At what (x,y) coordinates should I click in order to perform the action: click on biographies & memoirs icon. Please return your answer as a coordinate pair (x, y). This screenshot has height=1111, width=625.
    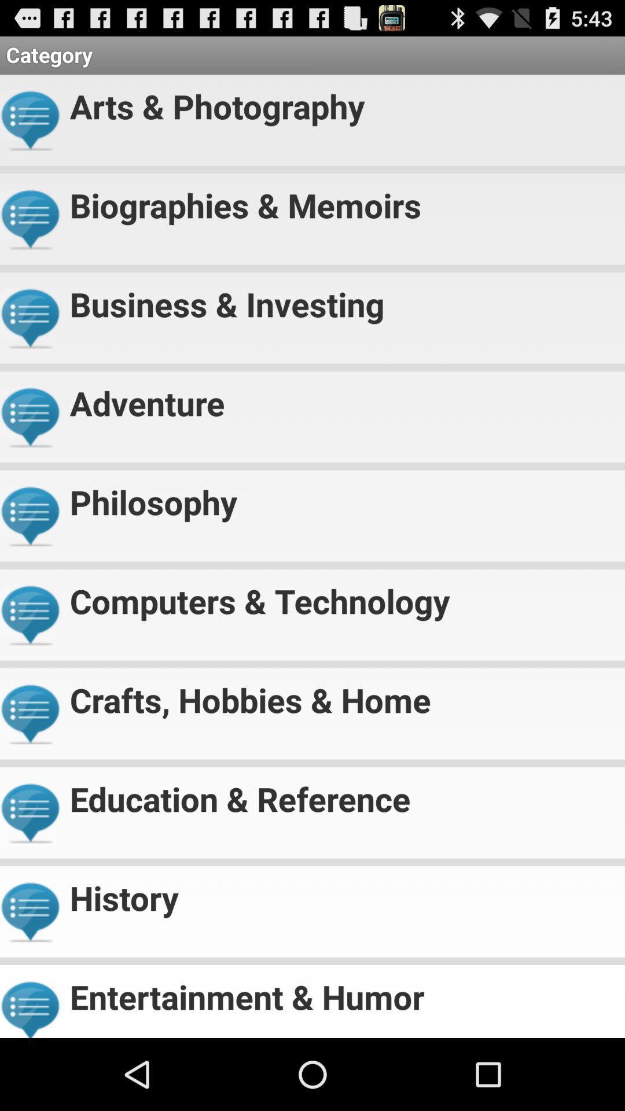
    Looking at the image, I should click on (342, 200).